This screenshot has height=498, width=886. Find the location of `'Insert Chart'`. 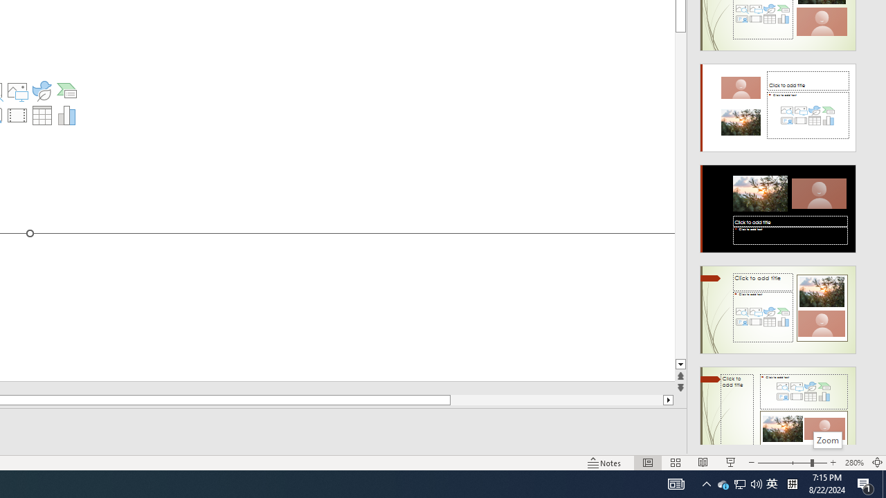

'Insert Chart' is located at coordinates (66, 115).